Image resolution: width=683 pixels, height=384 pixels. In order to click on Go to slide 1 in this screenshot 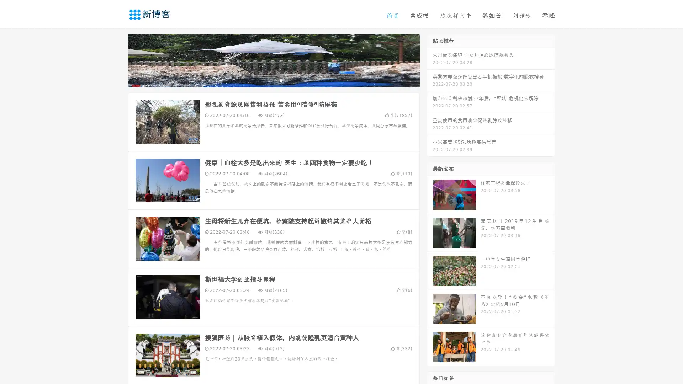, I will do `click(266, 80)`.